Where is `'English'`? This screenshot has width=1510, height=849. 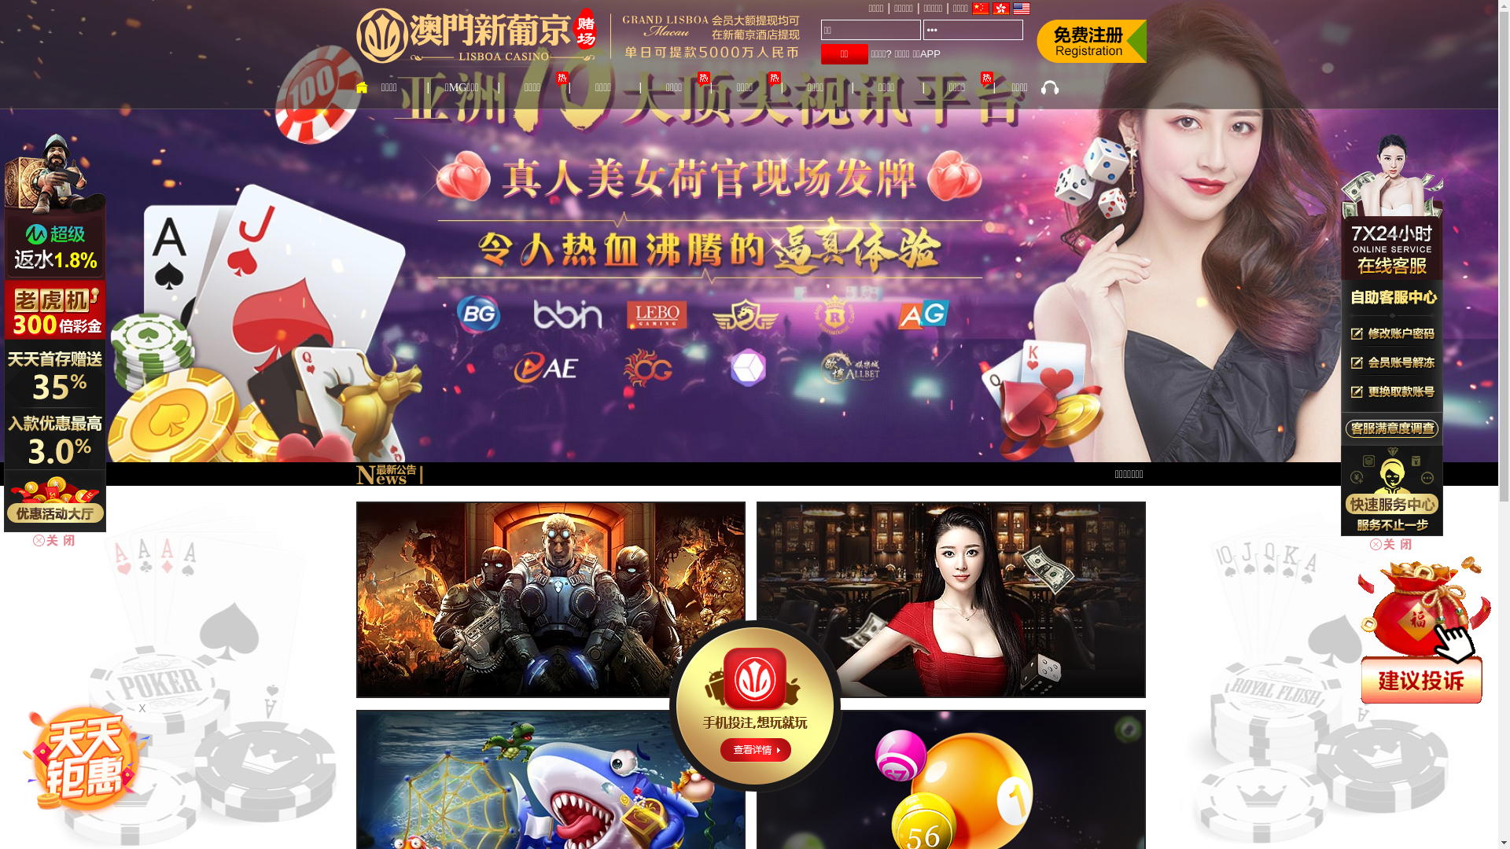 'English' is located at coordinates (1022, 9).